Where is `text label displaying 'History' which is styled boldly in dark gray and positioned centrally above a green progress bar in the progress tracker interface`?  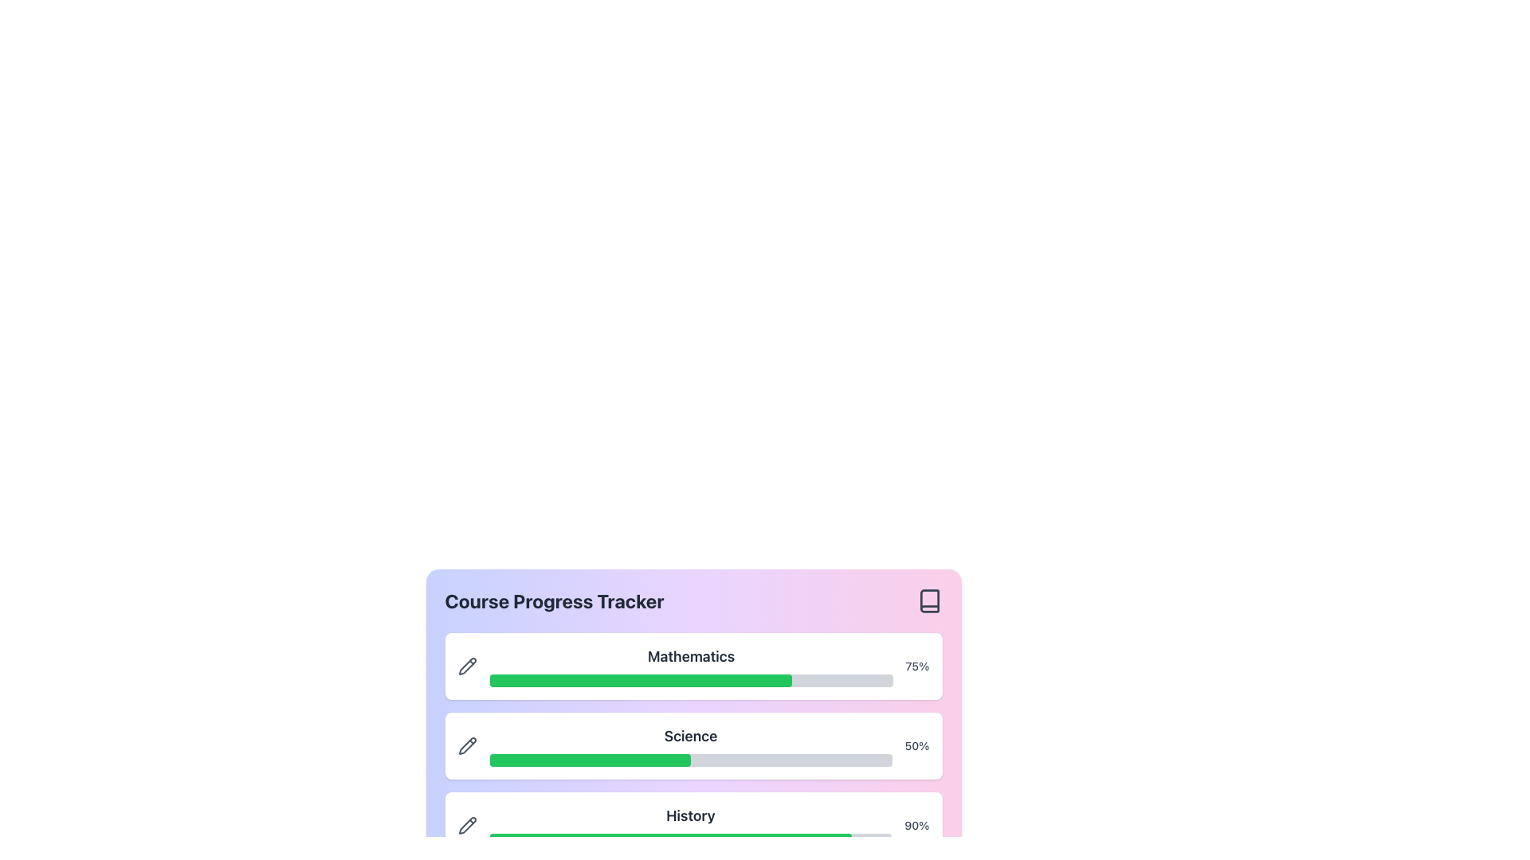 text label displaying 'History' which is styled boldly in dark gray and positioned centrally above a green progress bar in the progress tracker interface is located at coordinates (690, 816).